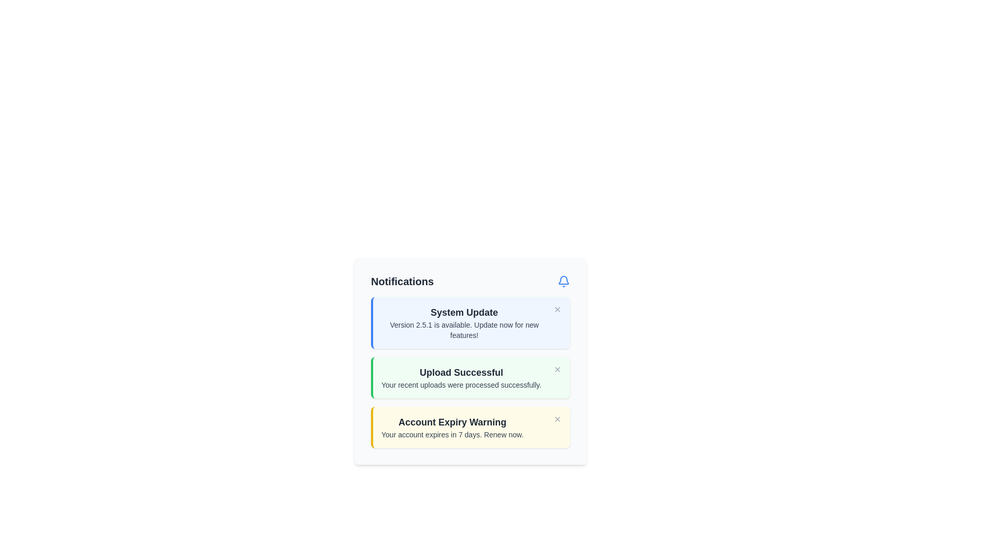 Image resolution: width=995 pixels, height=559 pixels. What do you see at coordinates (461, 385) in the screenshot?
I see `the success message text that informs the user of a completed upload process, located below the 'Upload Successful' title in the notification box` at bounding box center [461, 385].